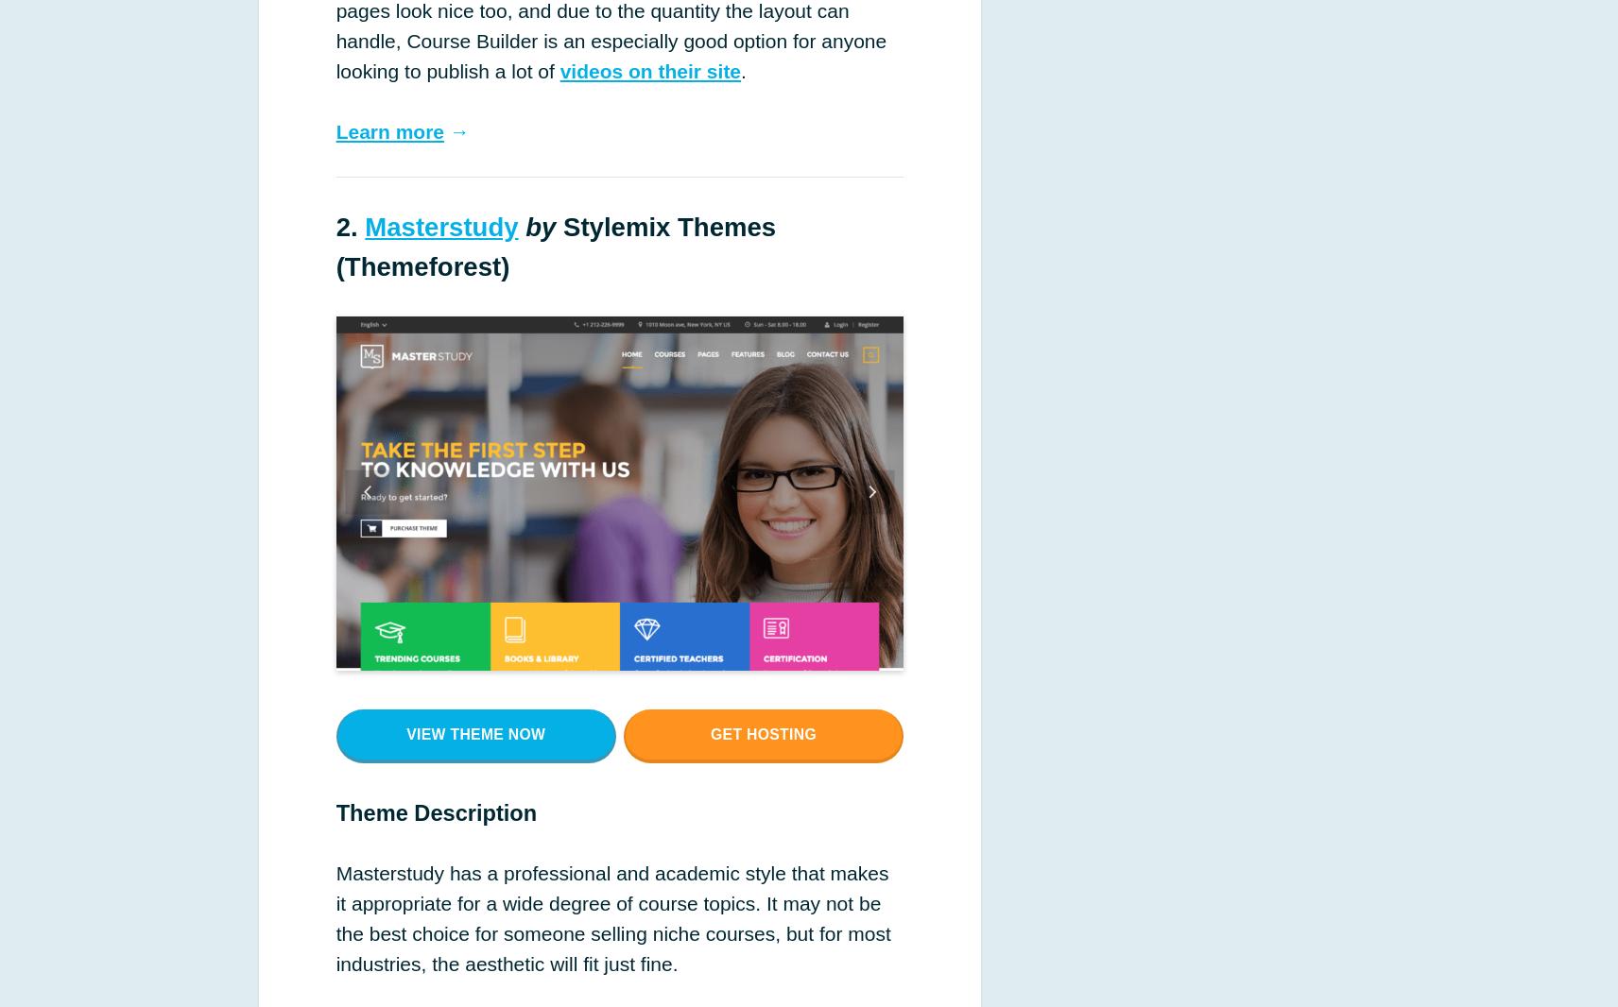  I want to click on '.', so click(743, 70).